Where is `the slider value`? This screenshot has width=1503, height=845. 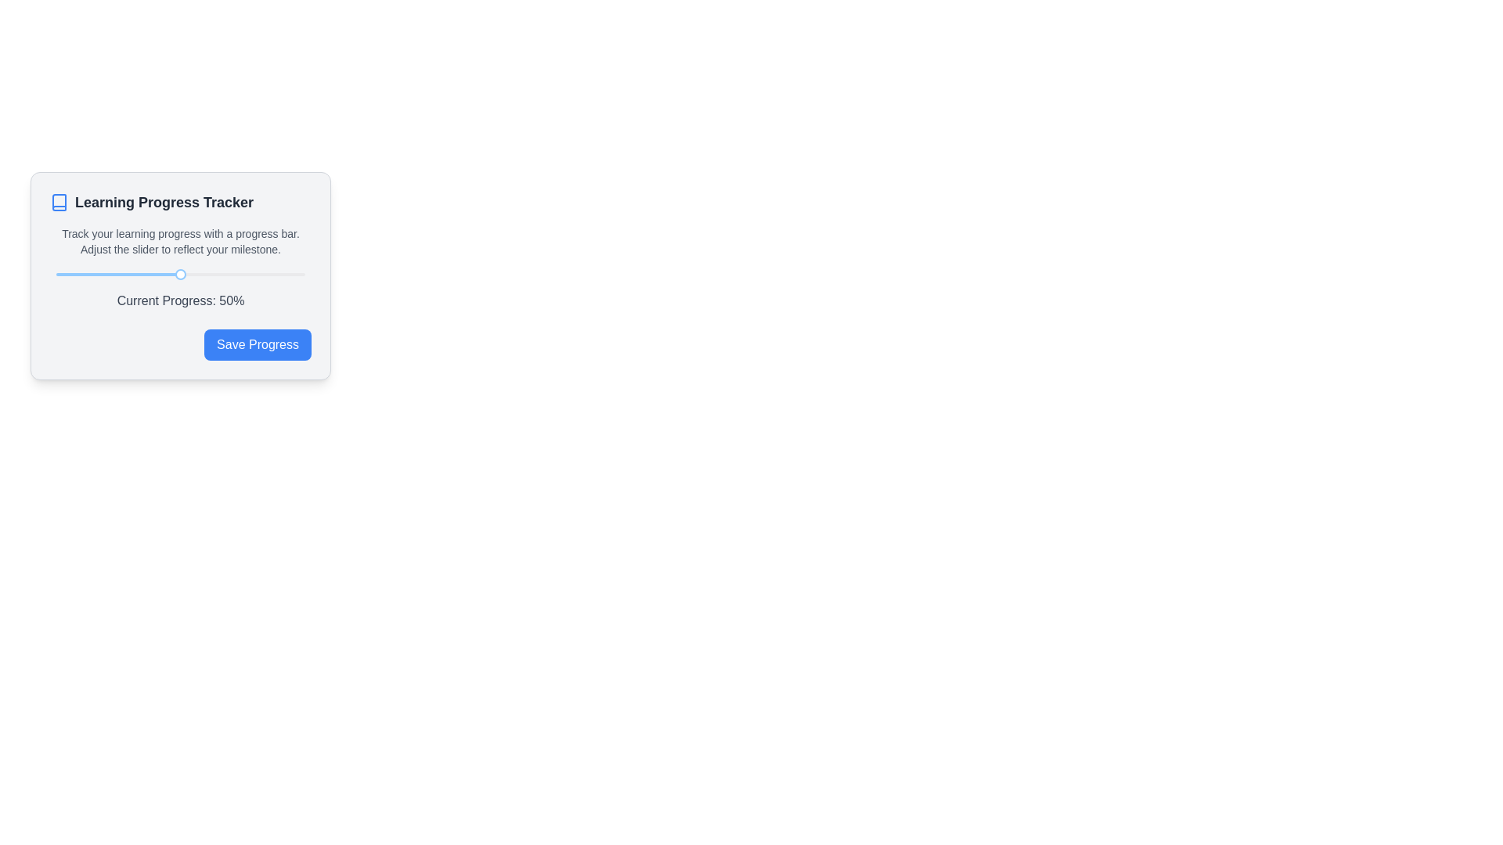
the slider value is located at coordinates (65, 274).